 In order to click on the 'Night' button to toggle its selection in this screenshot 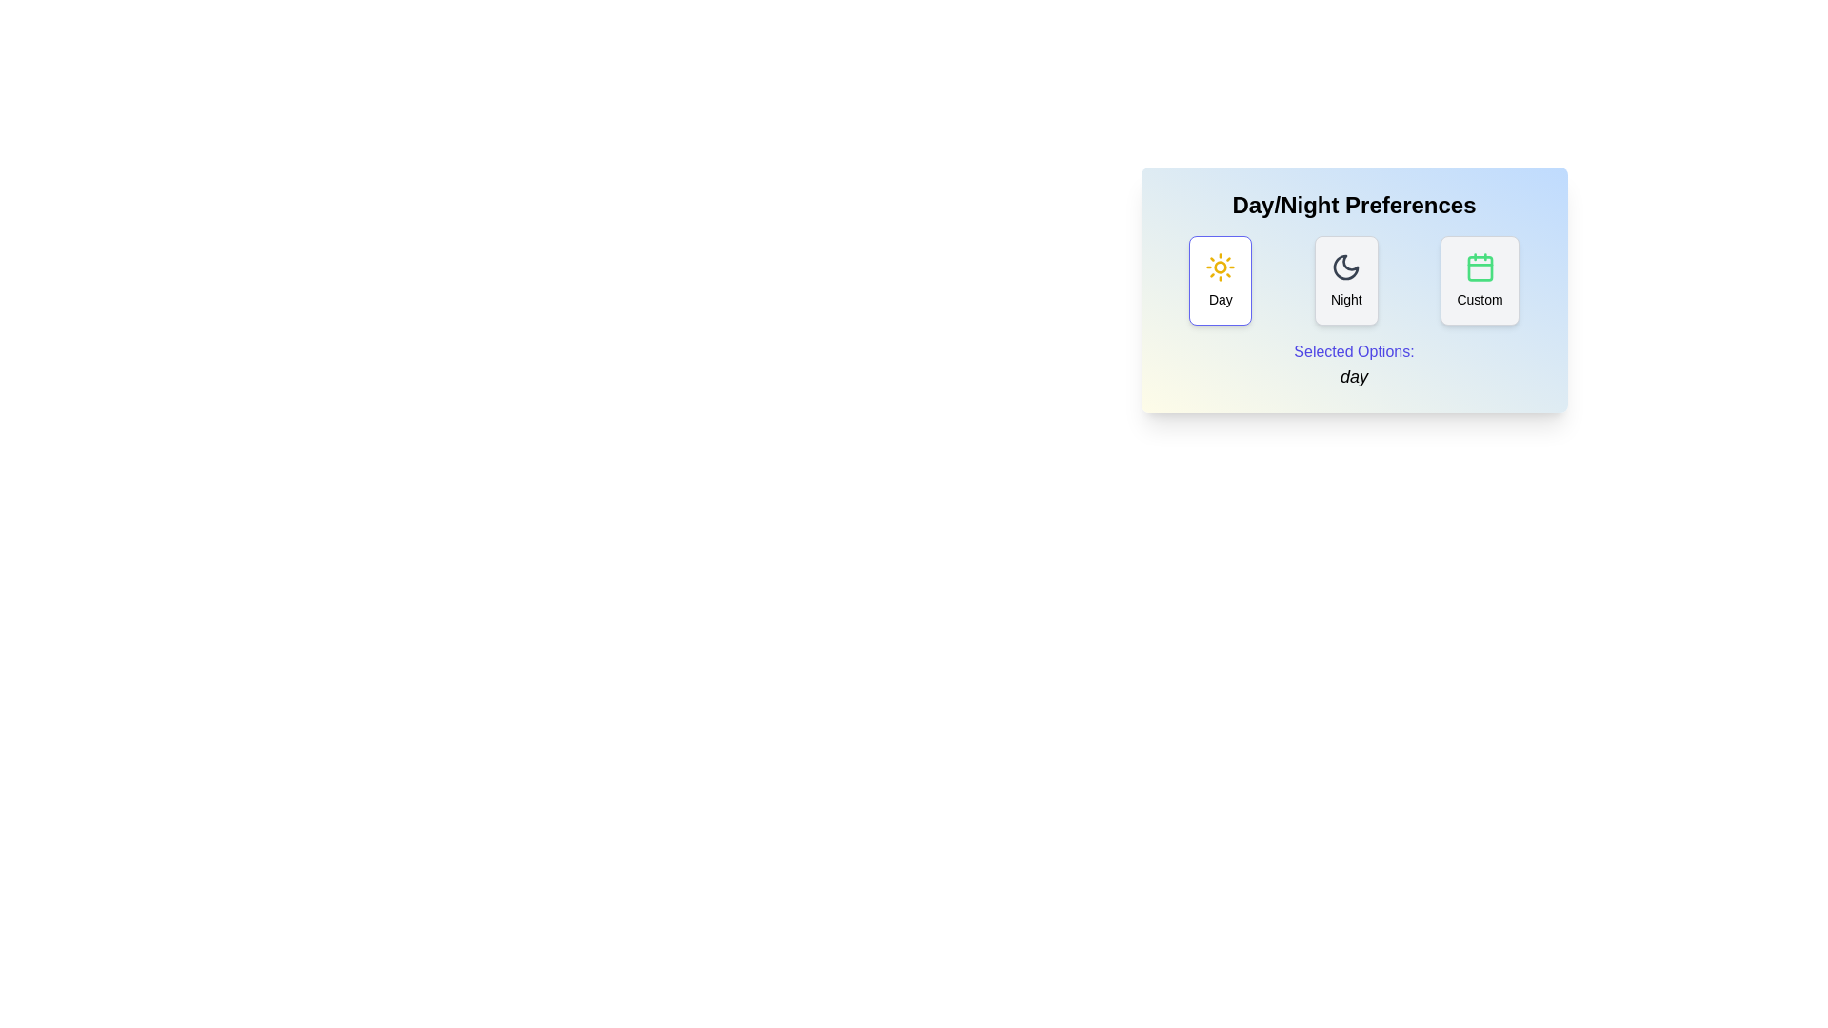, I will do `click(1345, 280)`.